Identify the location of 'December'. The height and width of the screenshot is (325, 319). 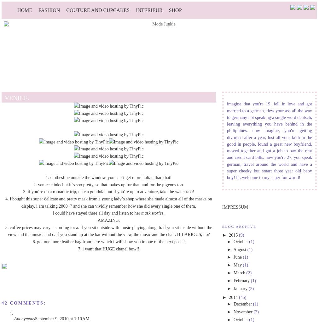
(243, 303).